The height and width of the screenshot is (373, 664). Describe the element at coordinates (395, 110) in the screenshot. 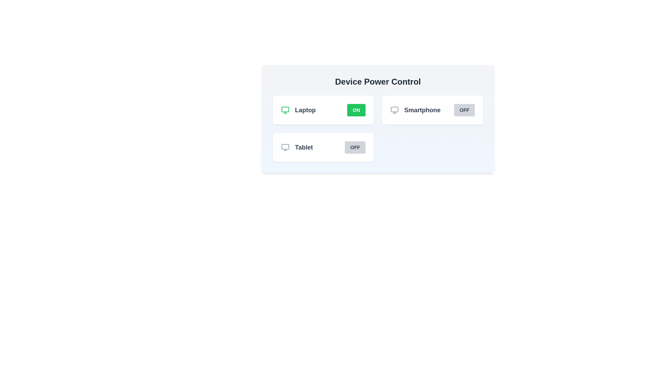

I see `the icon associated with Smartphone` at that location.